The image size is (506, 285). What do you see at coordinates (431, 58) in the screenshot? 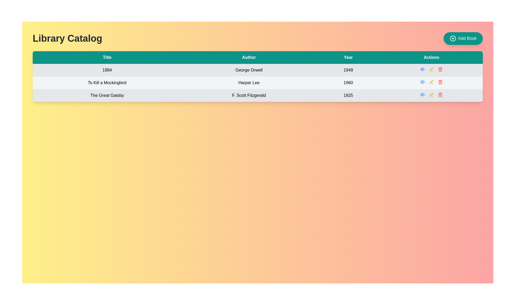
I see `the 'Actions' column header in the table, which has a green background and white text, located at the top right quadrant of the table` at bounding box center [431, 58].